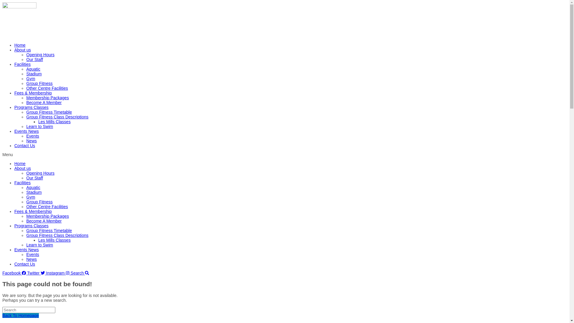  I want to click on 'Stadium', so click(33, 192).